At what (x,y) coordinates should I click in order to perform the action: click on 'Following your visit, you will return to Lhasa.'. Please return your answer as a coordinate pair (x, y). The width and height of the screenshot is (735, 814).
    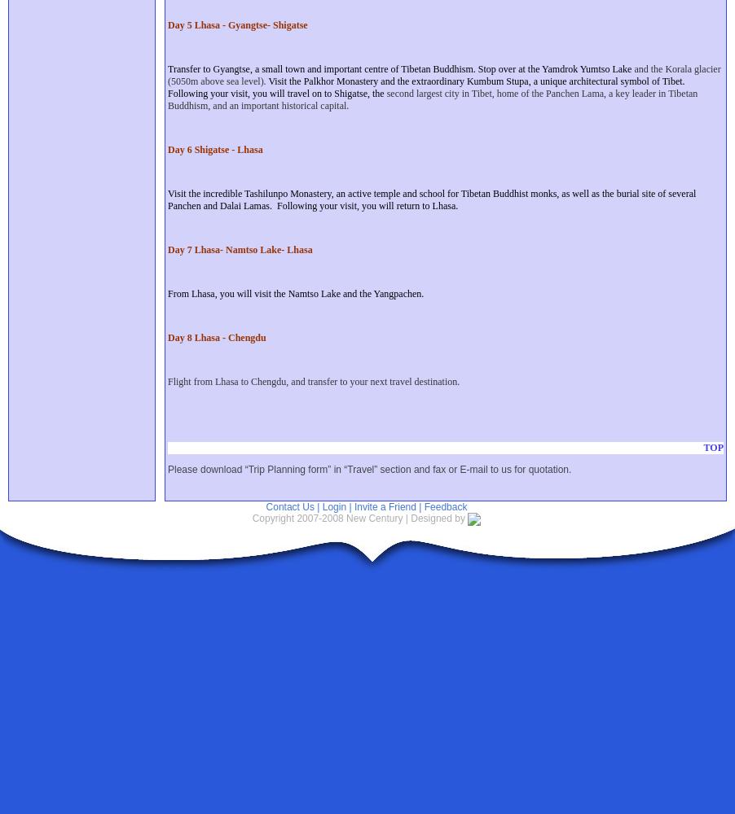
    Looking at the image, I should click on (367, 206).